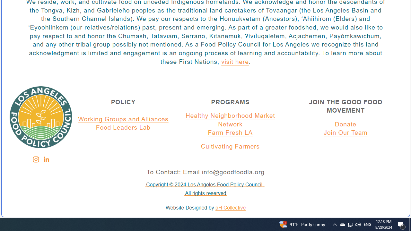 This screenshot has height=231, width=411. I want to click on 'Working Groups and Alliances', so click(123, 119).